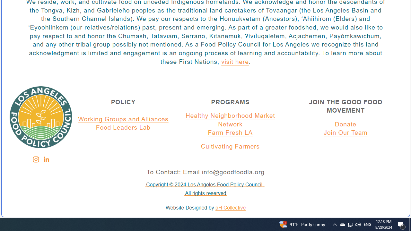 This screenshot has height=231, width=411. I want to click on 'Working Groups and Alliances', so click(123, 119).